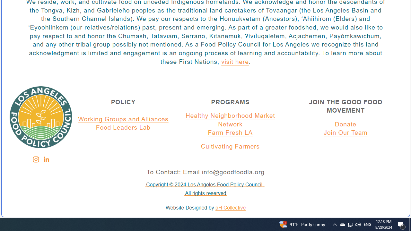 This screenshot has height=231, width=411. I want to click on 'Working Groups and Alliances', so click(123, 119).